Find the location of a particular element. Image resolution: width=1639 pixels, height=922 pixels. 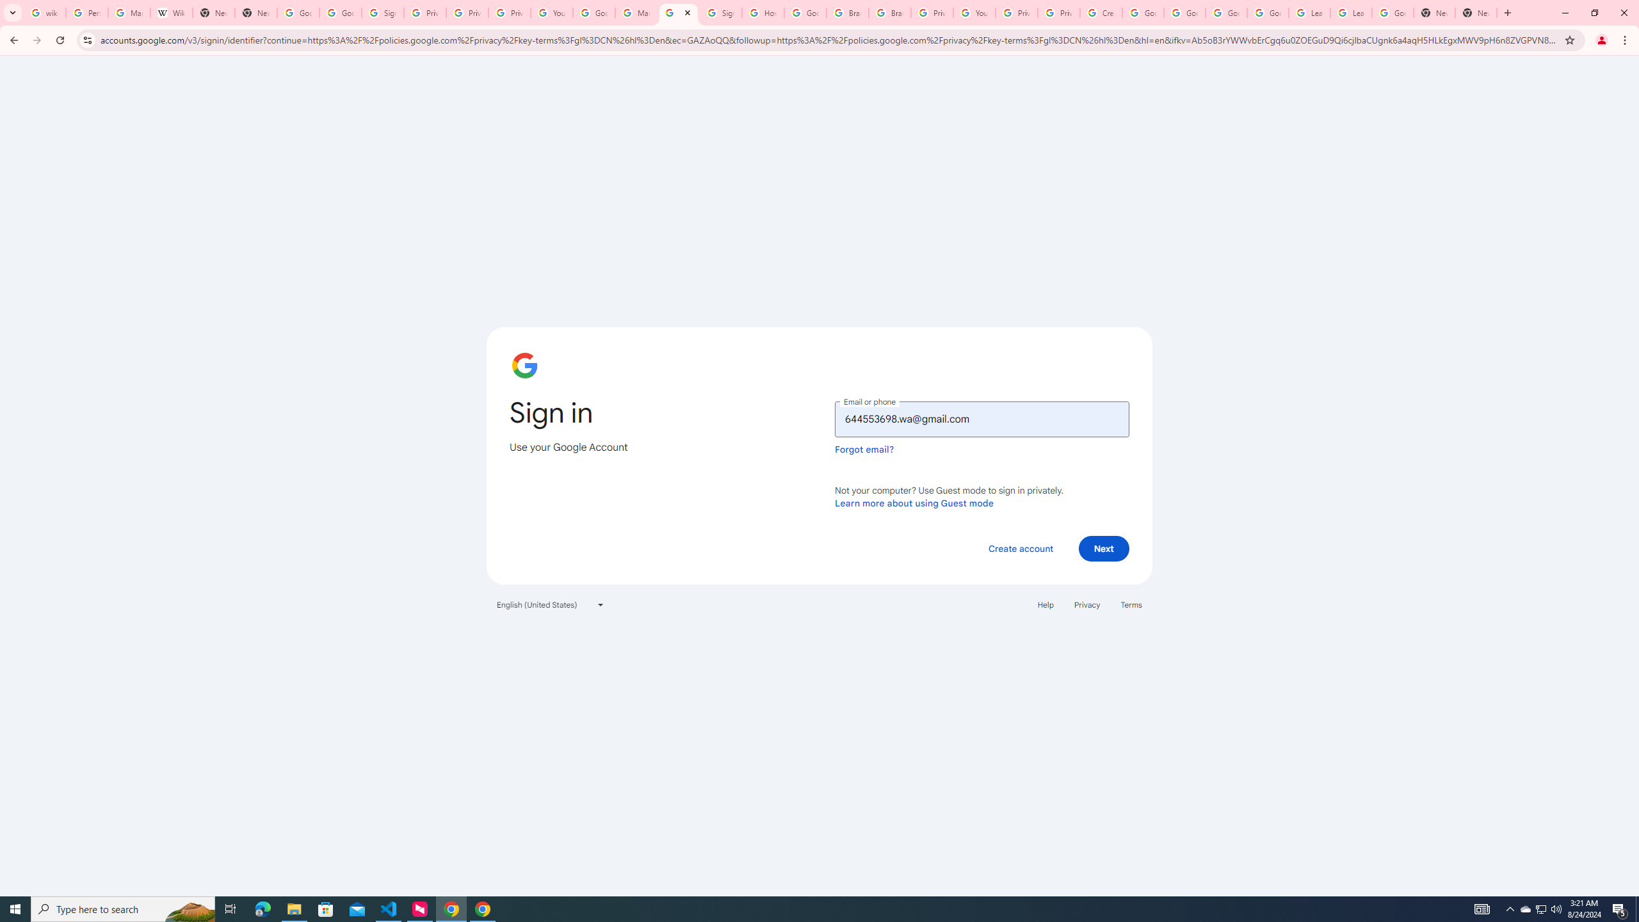

'YouTube' is located at coordinates (551, 12).